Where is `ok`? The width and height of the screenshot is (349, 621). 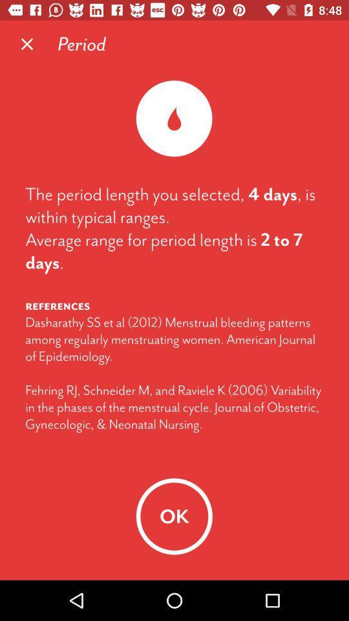
ok is located at coordinates (174, 516).